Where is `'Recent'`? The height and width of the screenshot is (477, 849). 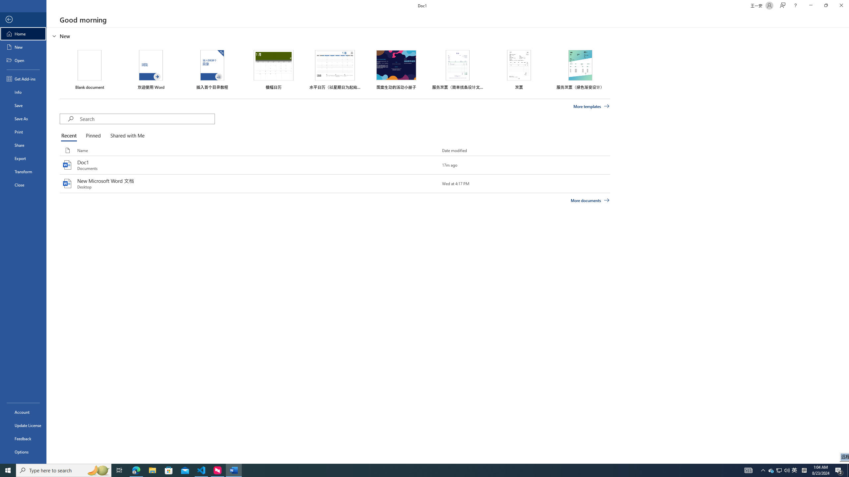
'Recent' is located at coordinates (70, 136).